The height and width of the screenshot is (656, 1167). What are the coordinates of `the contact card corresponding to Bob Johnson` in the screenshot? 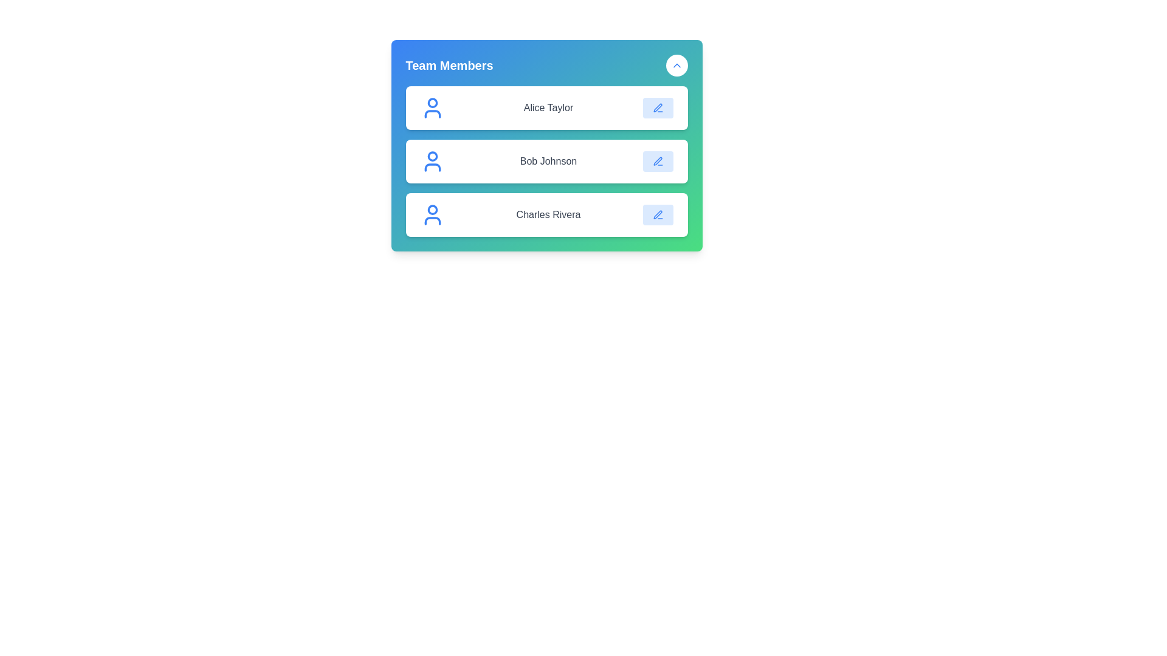 It's located at (546, 161).